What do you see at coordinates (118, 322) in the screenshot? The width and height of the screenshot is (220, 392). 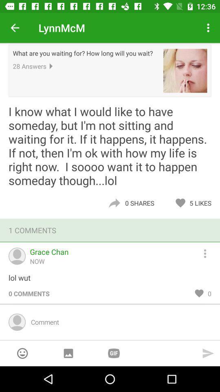 I see `comment` at bounding box center [118, 322].